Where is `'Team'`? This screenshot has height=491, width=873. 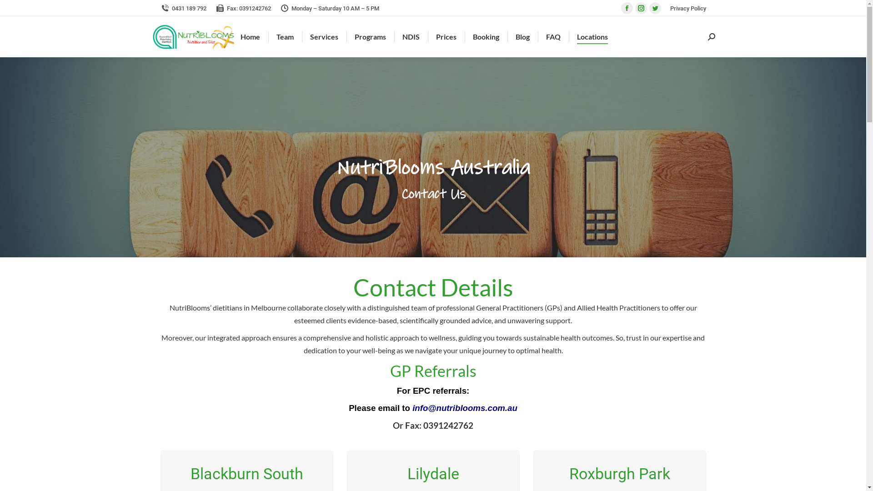 'Team' is located at coordinates (274, 36).